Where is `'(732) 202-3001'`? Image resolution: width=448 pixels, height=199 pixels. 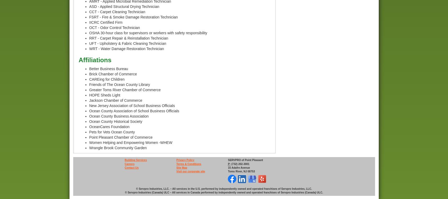 '(732) 202-3001' is located at coordinates (231, 163).